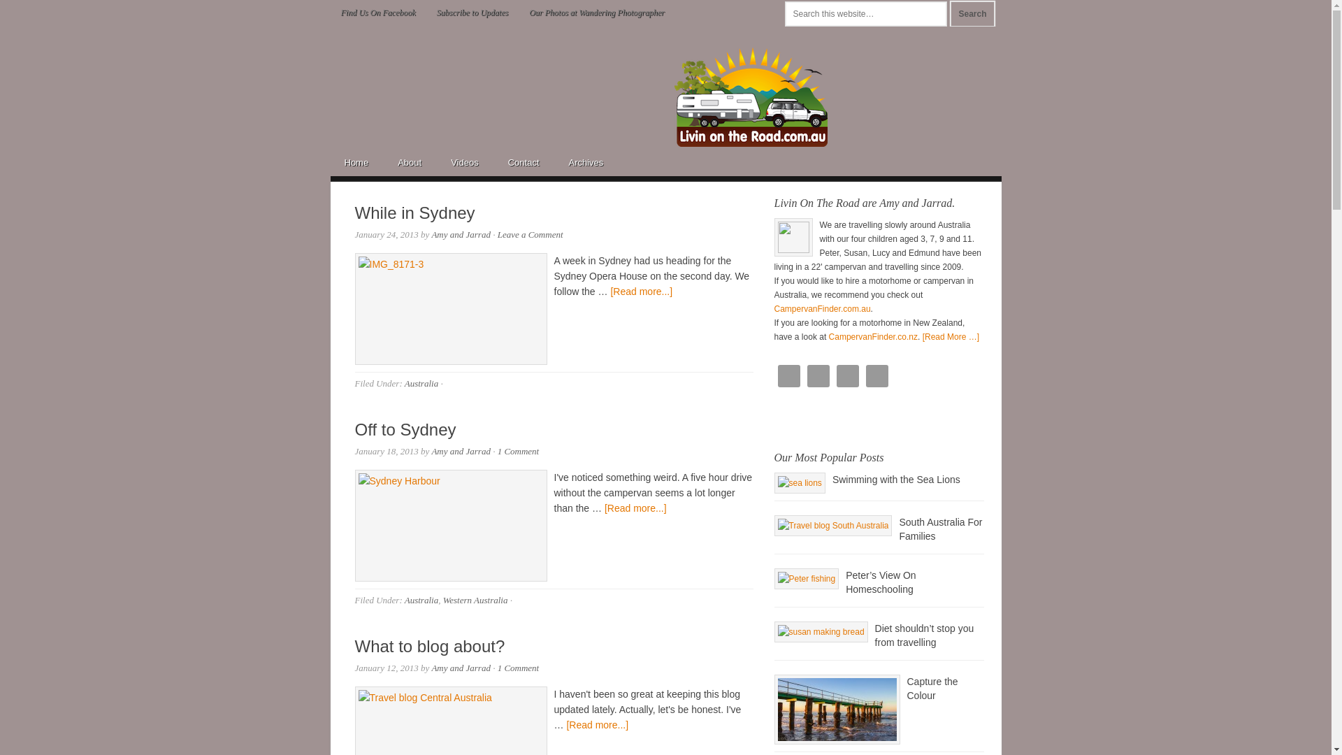 The height and width of the screenshot is (755, 1342). Describe the element at coordinates (475, 599) in the screenshot. I see `'Western Australia'` at that location.